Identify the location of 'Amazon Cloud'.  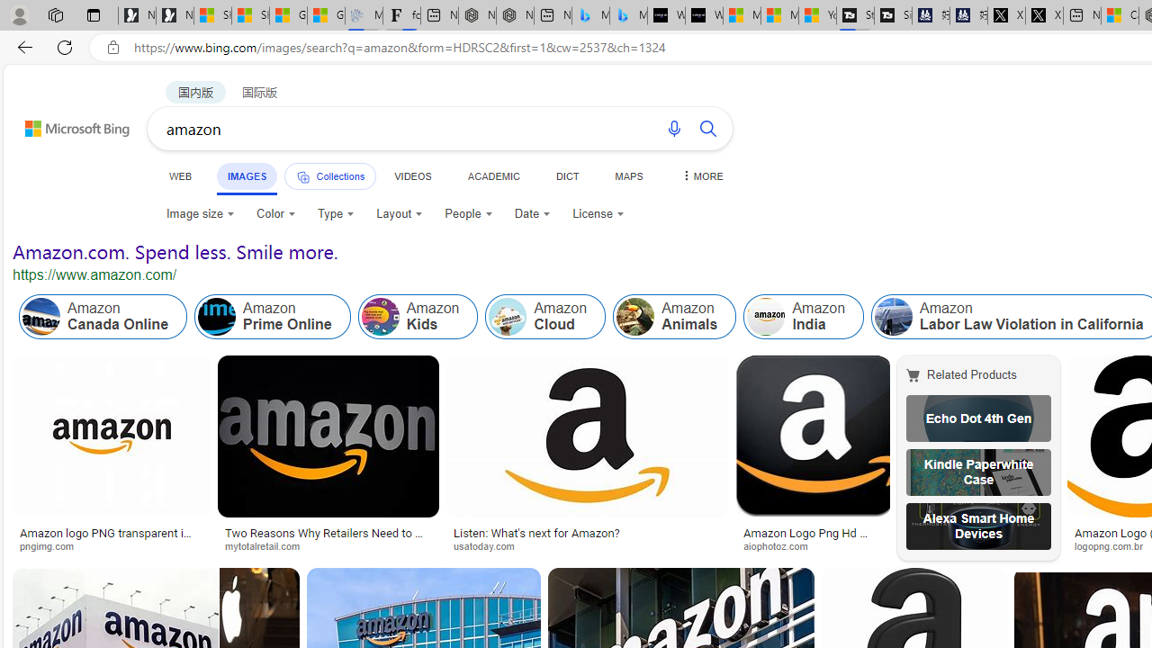
(507, 316).